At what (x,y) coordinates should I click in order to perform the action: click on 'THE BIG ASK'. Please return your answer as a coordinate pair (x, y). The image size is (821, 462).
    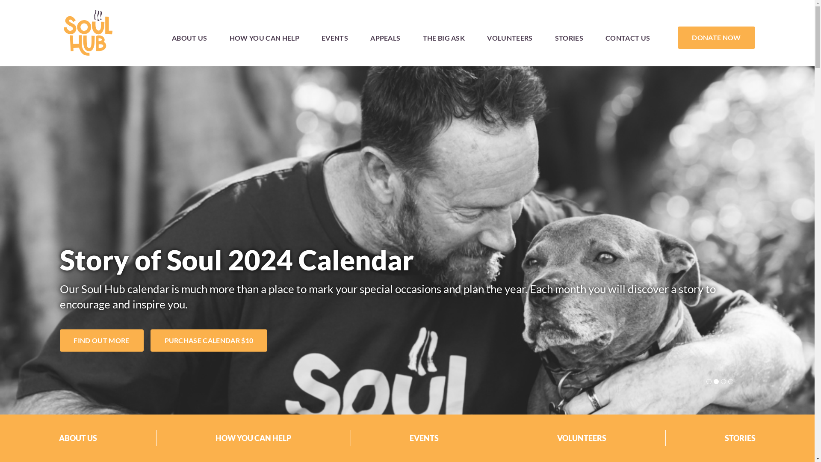
    Looking at the image, I should click on (444, 37).